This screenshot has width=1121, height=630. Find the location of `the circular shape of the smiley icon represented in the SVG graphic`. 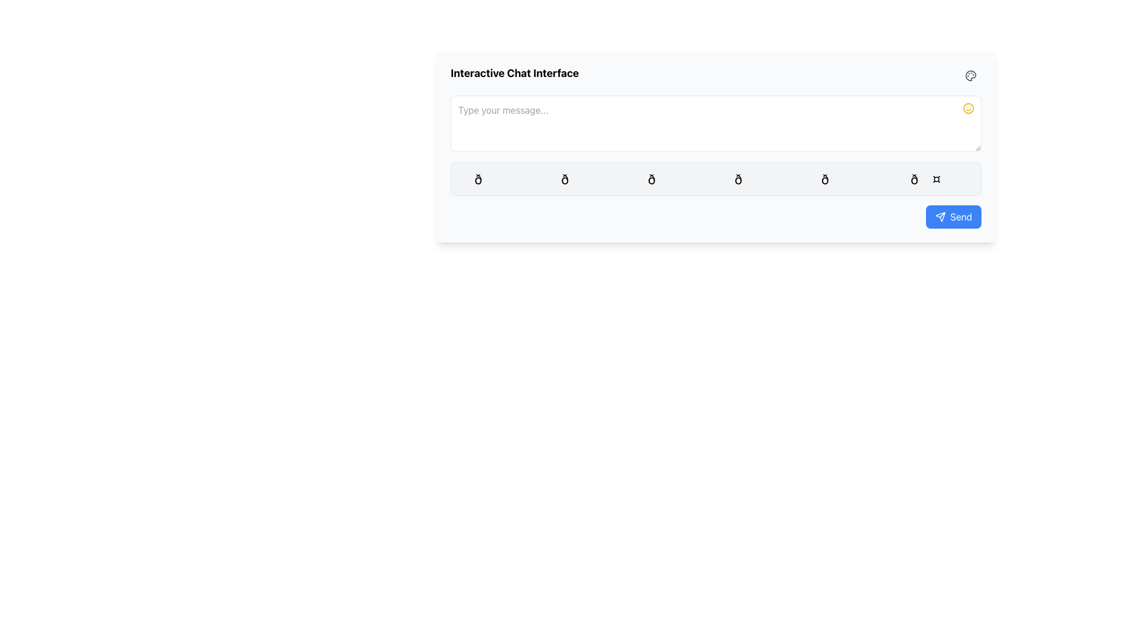

the circular shape of the smiley icon represented in the SVG graphic is located at coordinates (969, 108).